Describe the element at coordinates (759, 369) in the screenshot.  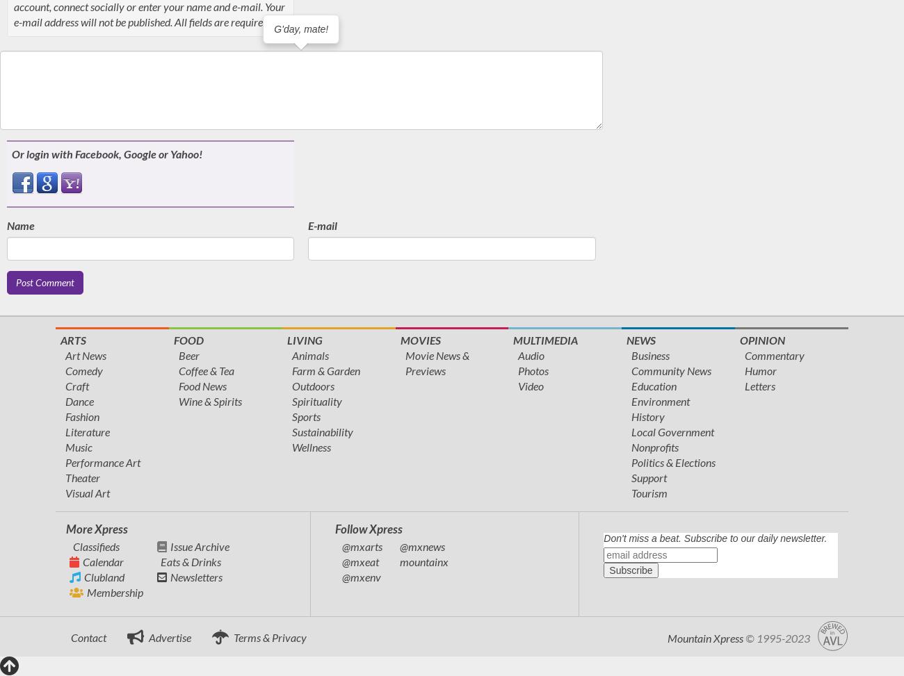
I see `'Humor'` at that location.